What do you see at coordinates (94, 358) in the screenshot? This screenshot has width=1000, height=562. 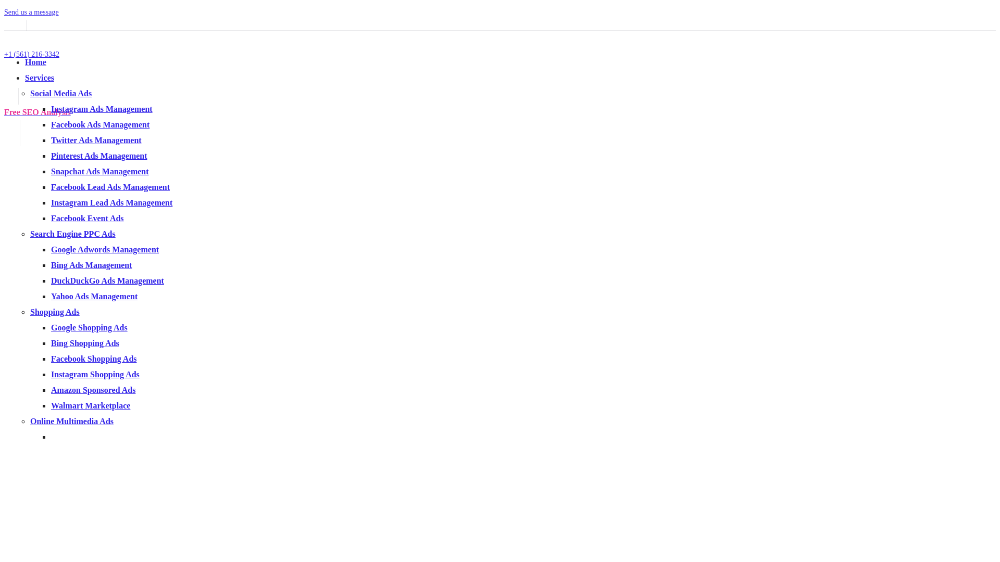 I see `'Facebook Shopping Ads'` at bounding box center [94, 358].